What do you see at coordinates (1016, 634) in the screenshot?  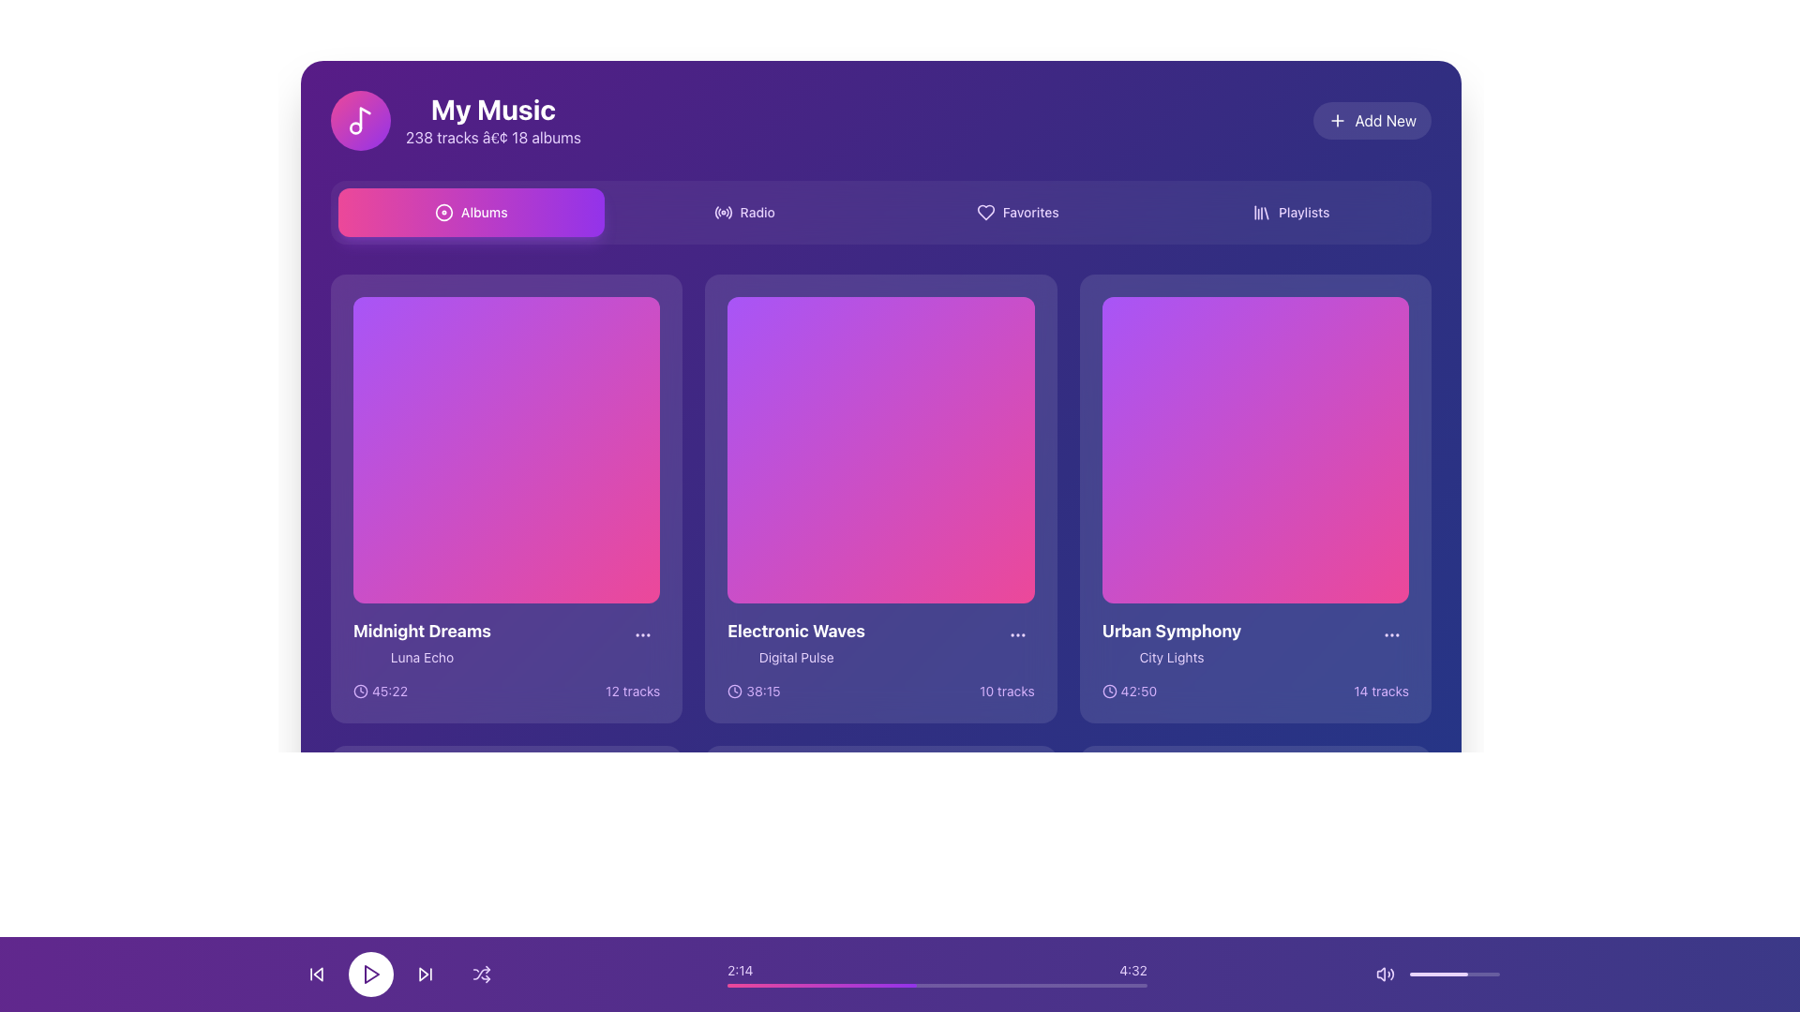 I see `the menu button located at the bottom right corner of the 'Electronic Waves' card` at bounding box center [1016, 634].